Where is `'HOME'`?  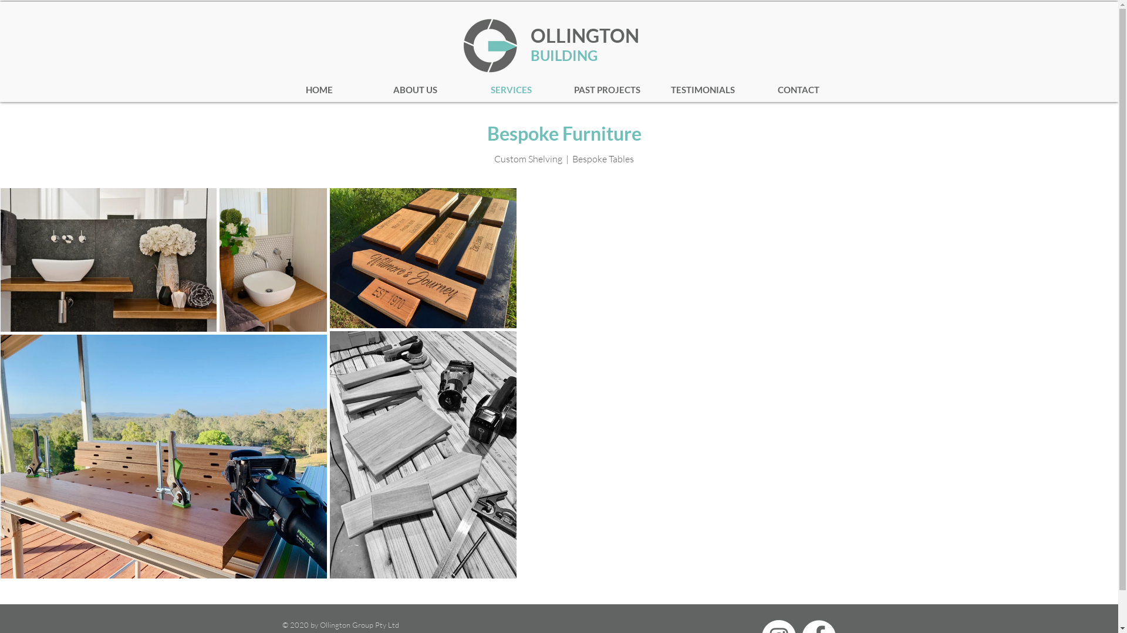
'HOME' is located at coordinates (319, 89).